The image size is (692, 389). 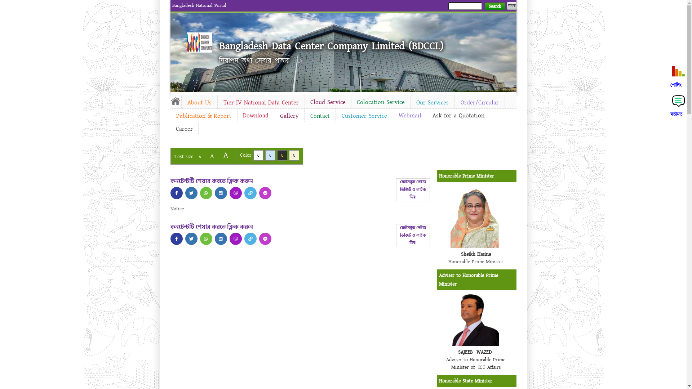 I want to click on 'Search', so click(x=494, y=6).